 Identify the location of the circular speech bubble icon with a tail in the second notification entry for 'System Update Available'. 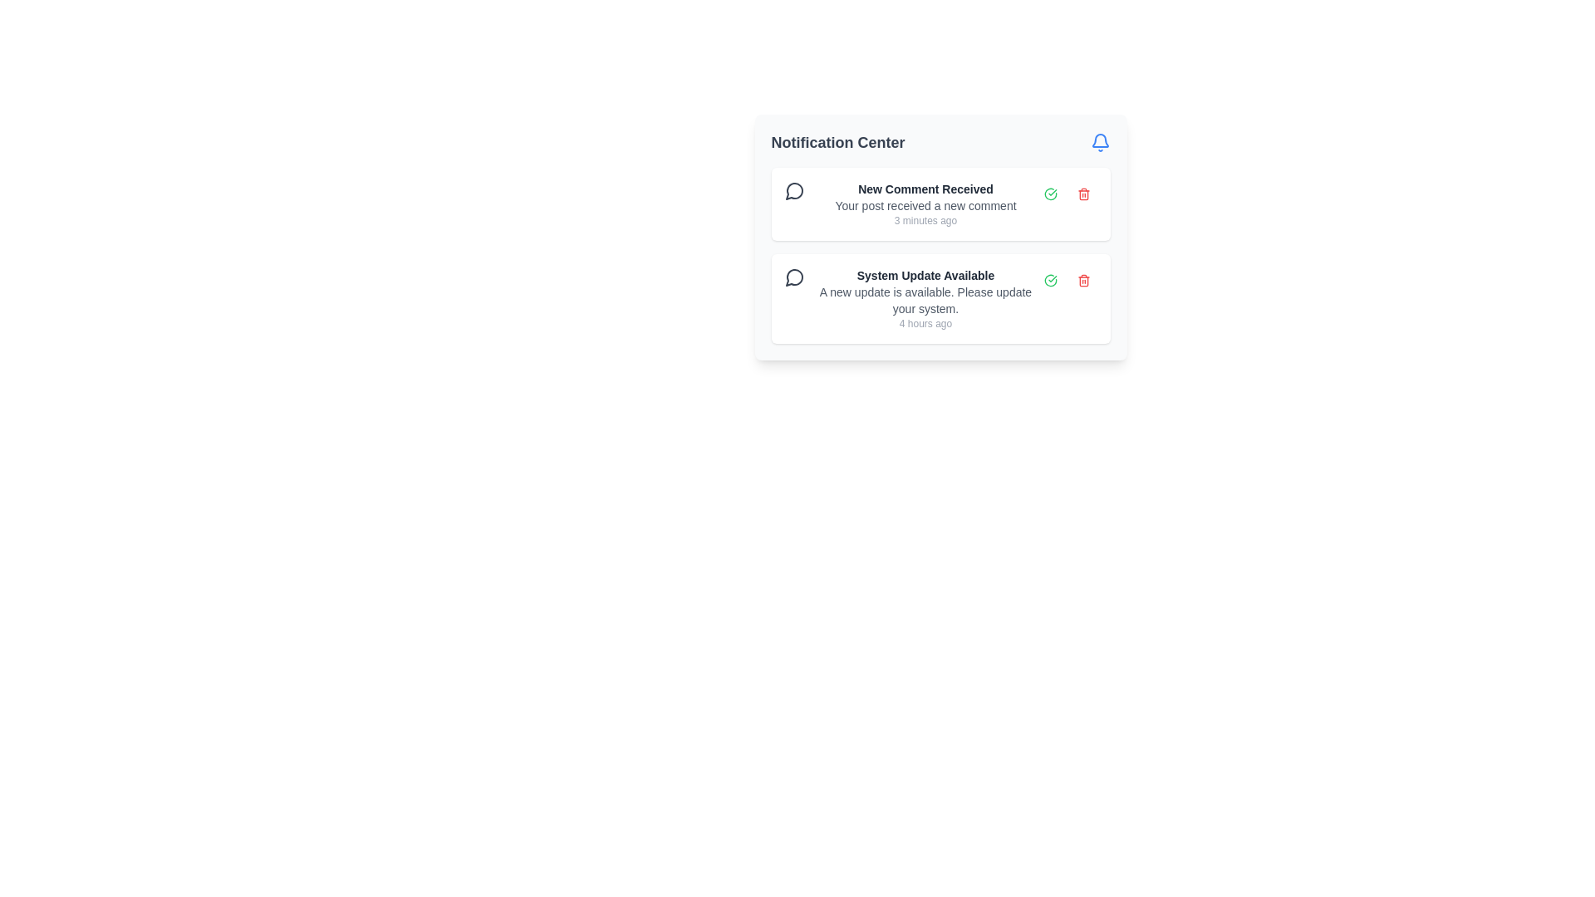
(793, 277).